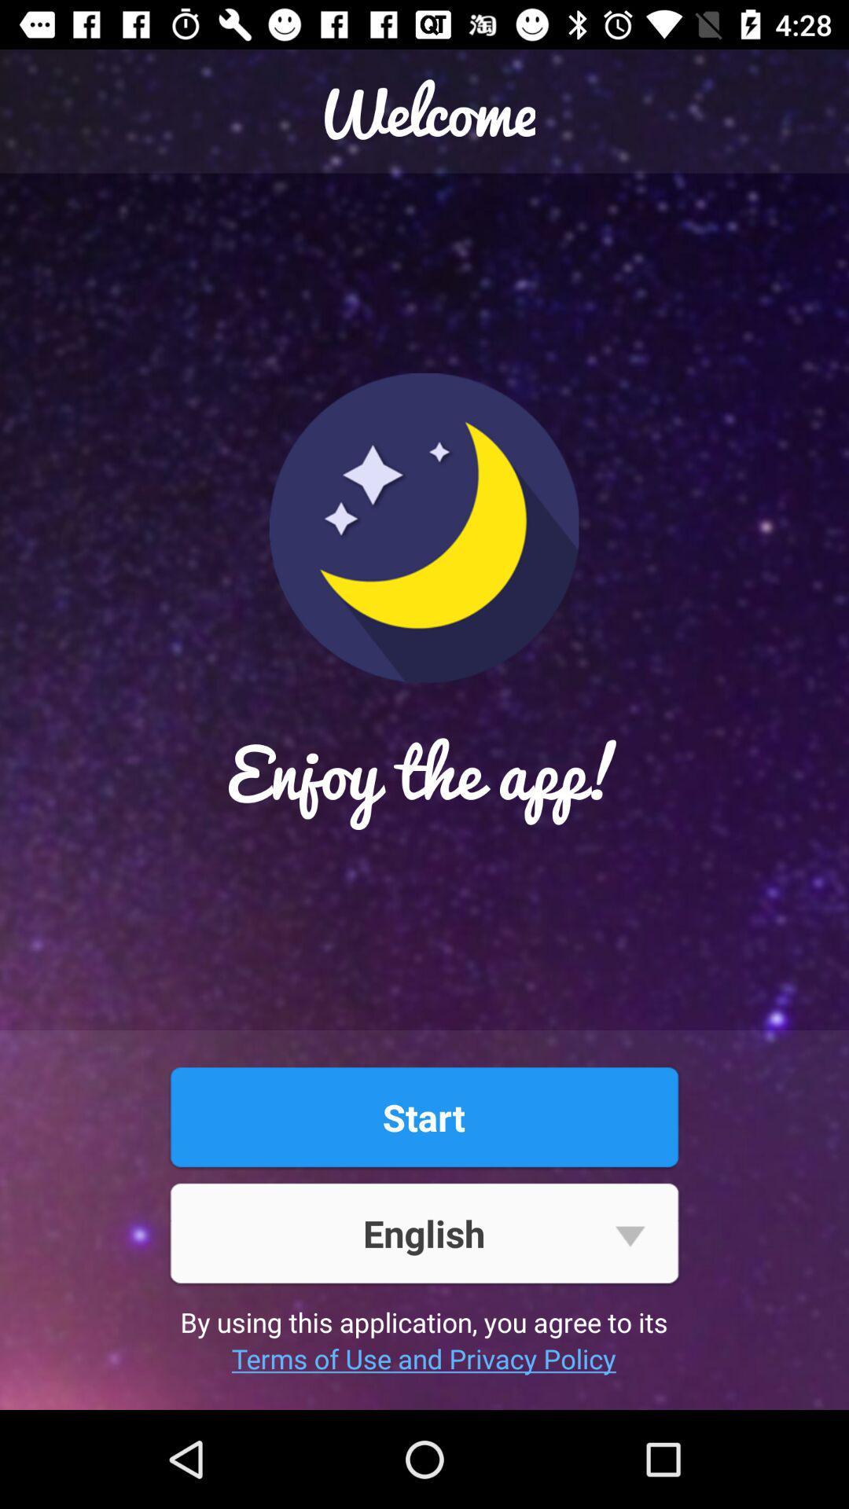  What do you see at coordinates (423, 1116) in the screenshot?
I see `the item below the enjoy the app! item` at bounding box center [423, 1116].